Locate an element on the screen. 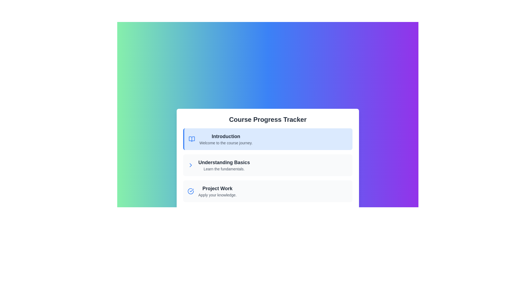 This screenshot has height=293, width=521. the Circular status indicator icon located beside the 'Project Work' text in the course tasks list is located at coordinates (190, 191).